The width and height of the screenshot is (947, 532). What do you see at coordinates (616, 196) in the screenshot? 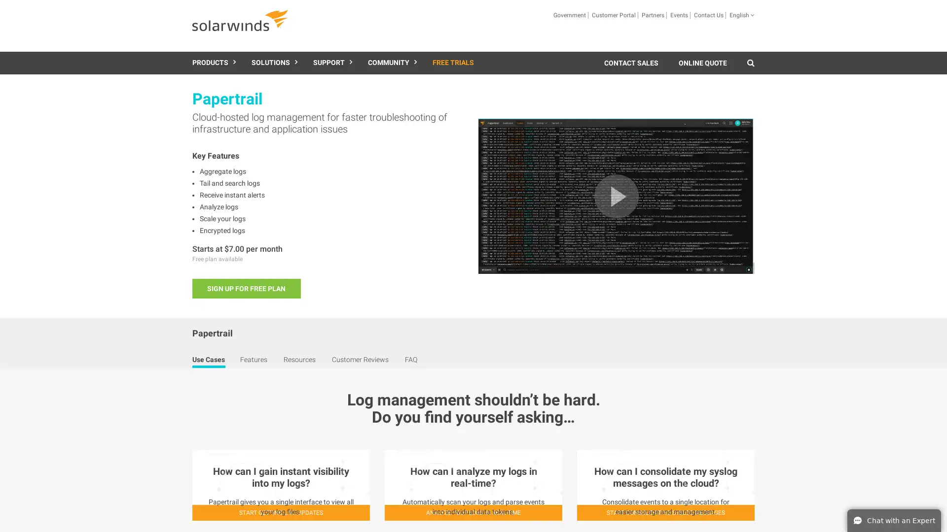
I see `Play video SolarWinds Papertrail Overview. Opens in a modal` at bounding box center [616, 196].